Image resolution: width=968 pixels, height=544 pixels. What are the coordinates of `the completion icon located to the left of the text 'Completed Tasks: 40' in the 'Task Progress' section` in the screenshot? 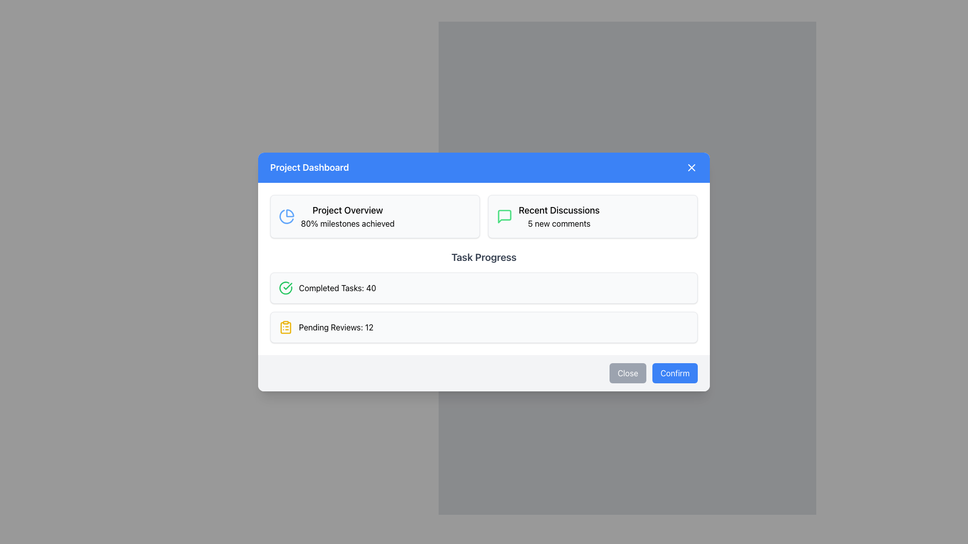 It's located at (285, 288).